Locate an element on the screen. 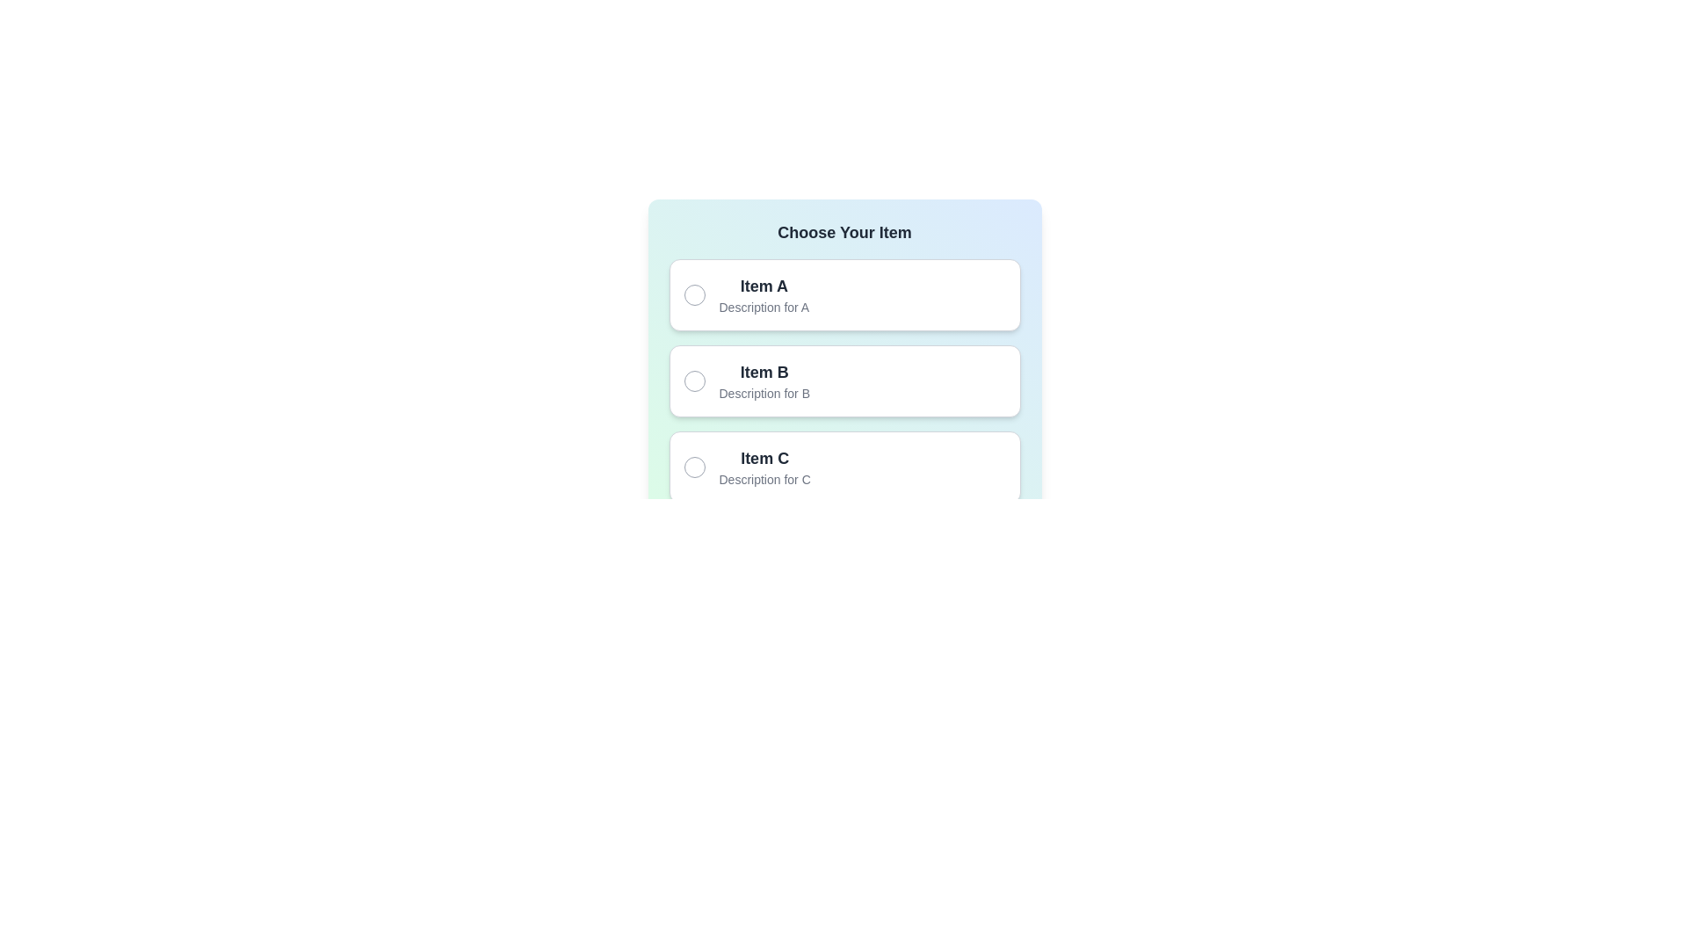 The height and width of the screenshot is (949, 1687). the radio button that serves as the select indicator for 'Item B' is located at coordinates (693, 380).